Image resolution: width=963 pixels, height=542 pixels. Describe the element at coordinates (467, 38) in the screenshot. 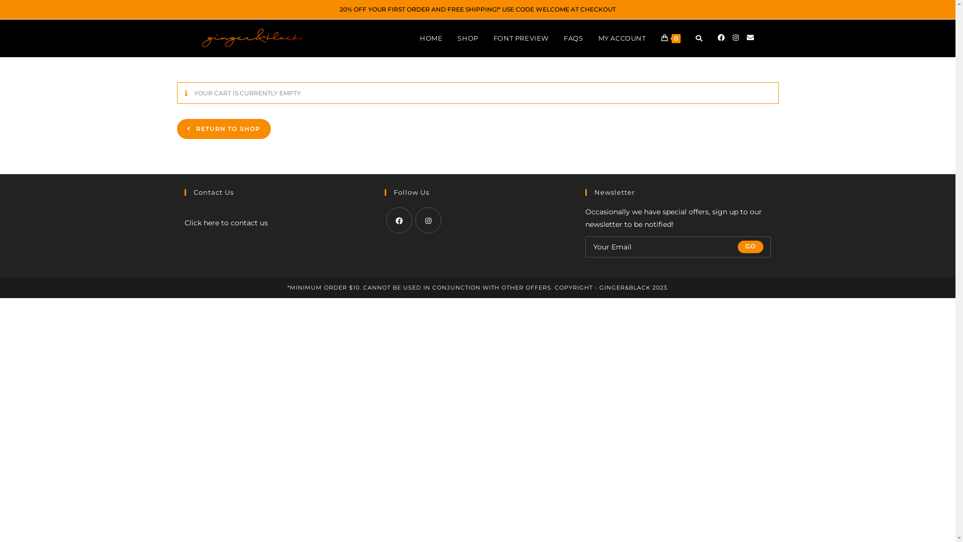

I see `'SHOP'` at that location.